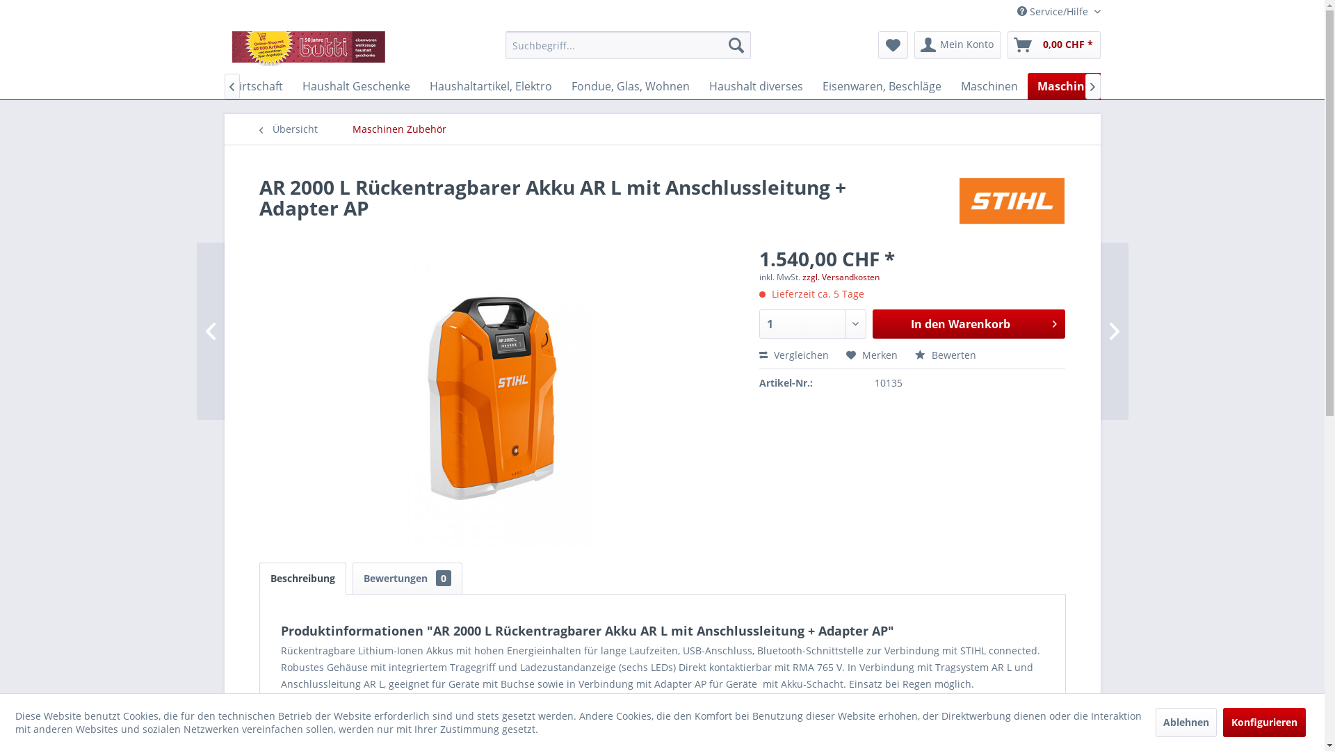 This screenshot has height=751, width=1335. Describe the element at coordinates (794, 354) in the screenshot. I see `'Vergleichen'` at that location.